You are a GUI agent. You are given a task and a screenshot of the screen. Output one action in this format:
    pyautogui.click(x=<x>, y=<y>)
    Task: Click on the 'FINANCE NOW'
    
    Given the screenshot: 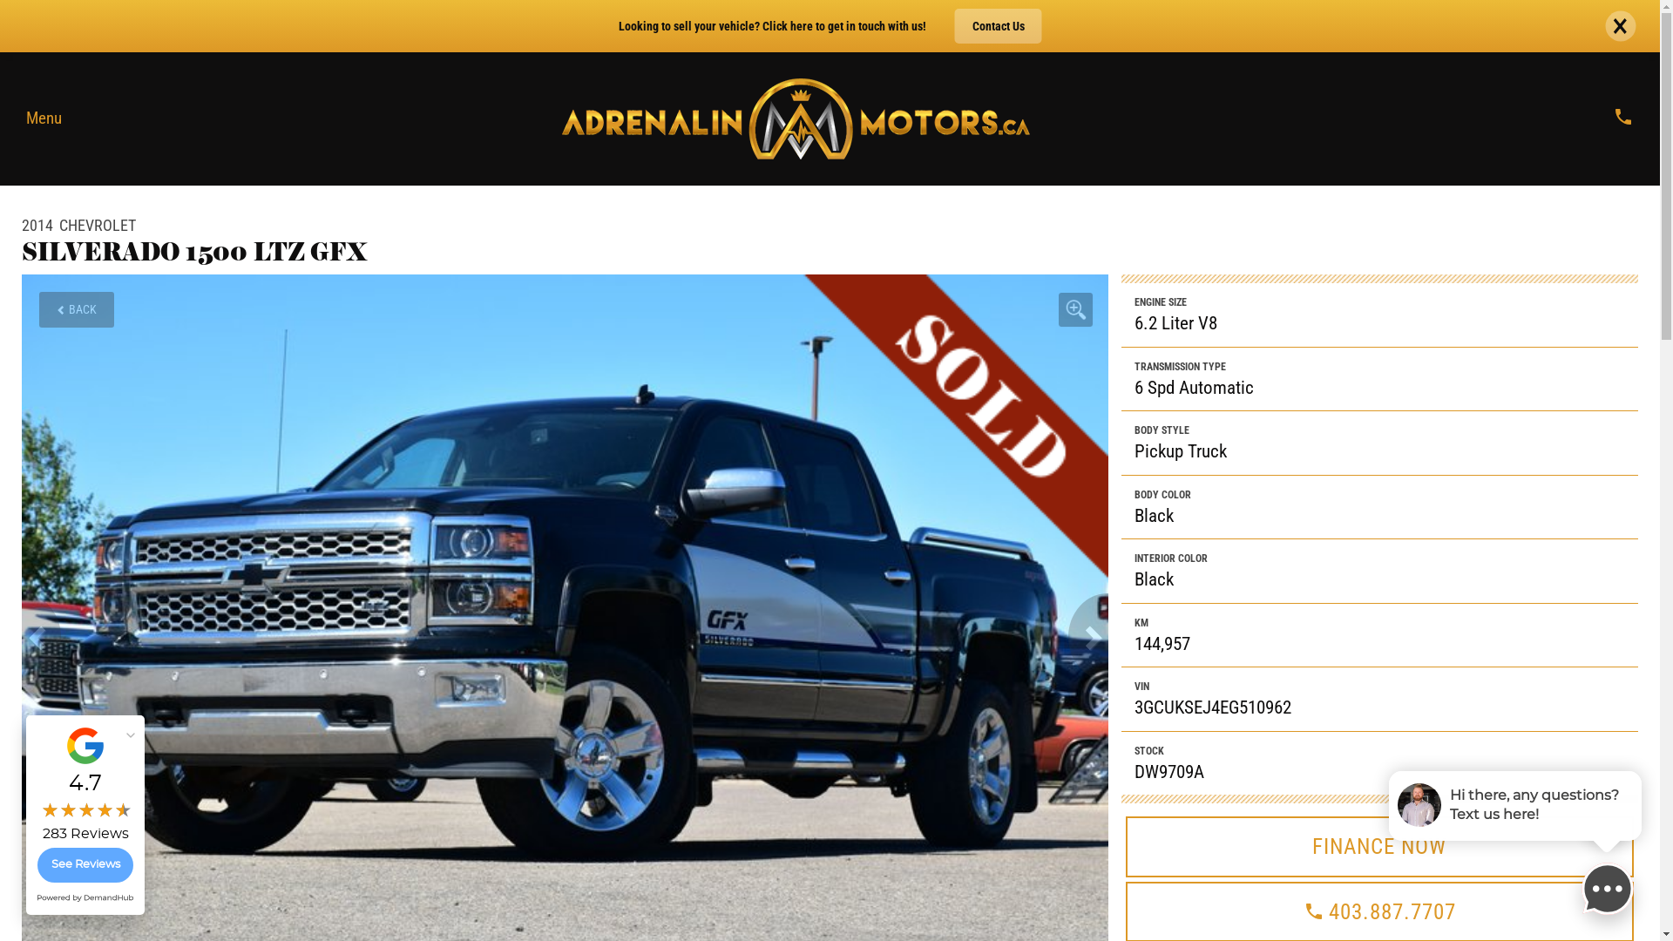 What is the action you would take?
    pyautogui.click(x=1378, y=846)
    